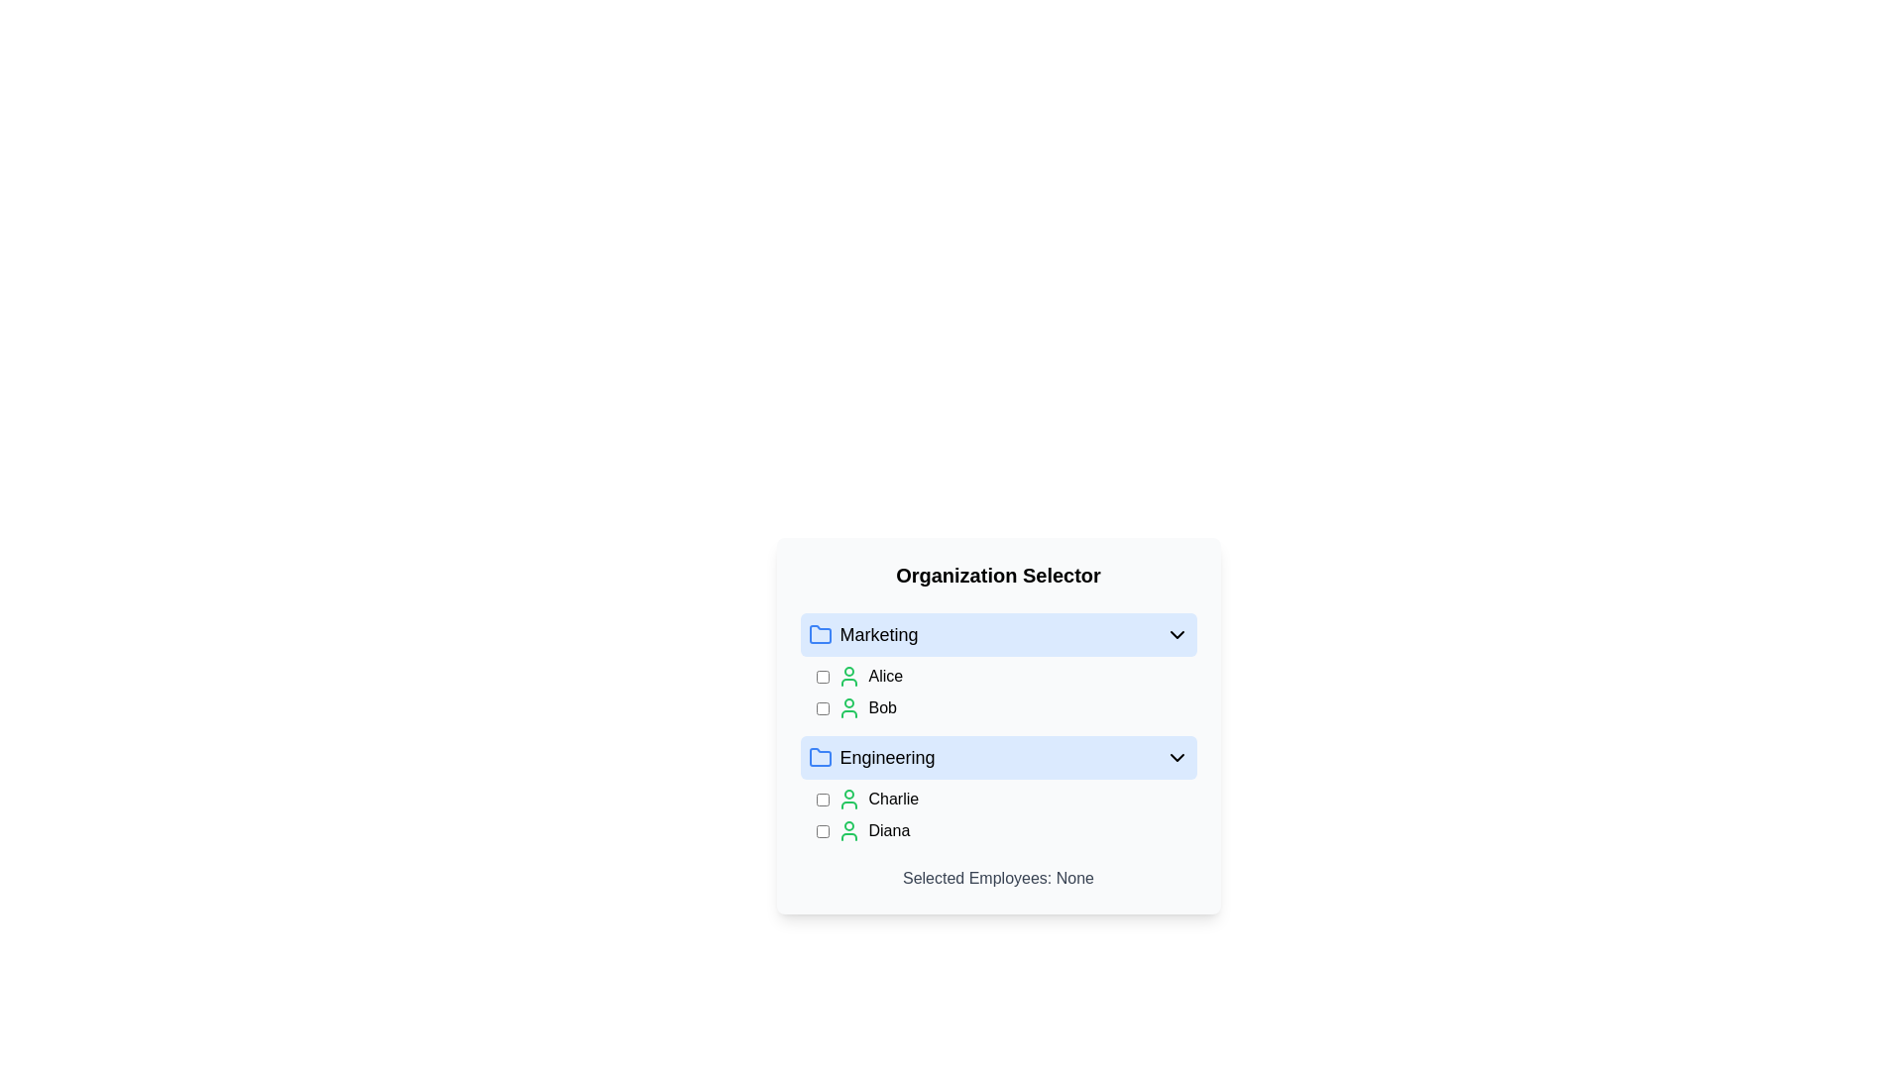 The image size is (1903, 1070). Describe the element at coordinates (848, 831) in the screenshot. I see `the user icon representing 'Diana'` at that location.